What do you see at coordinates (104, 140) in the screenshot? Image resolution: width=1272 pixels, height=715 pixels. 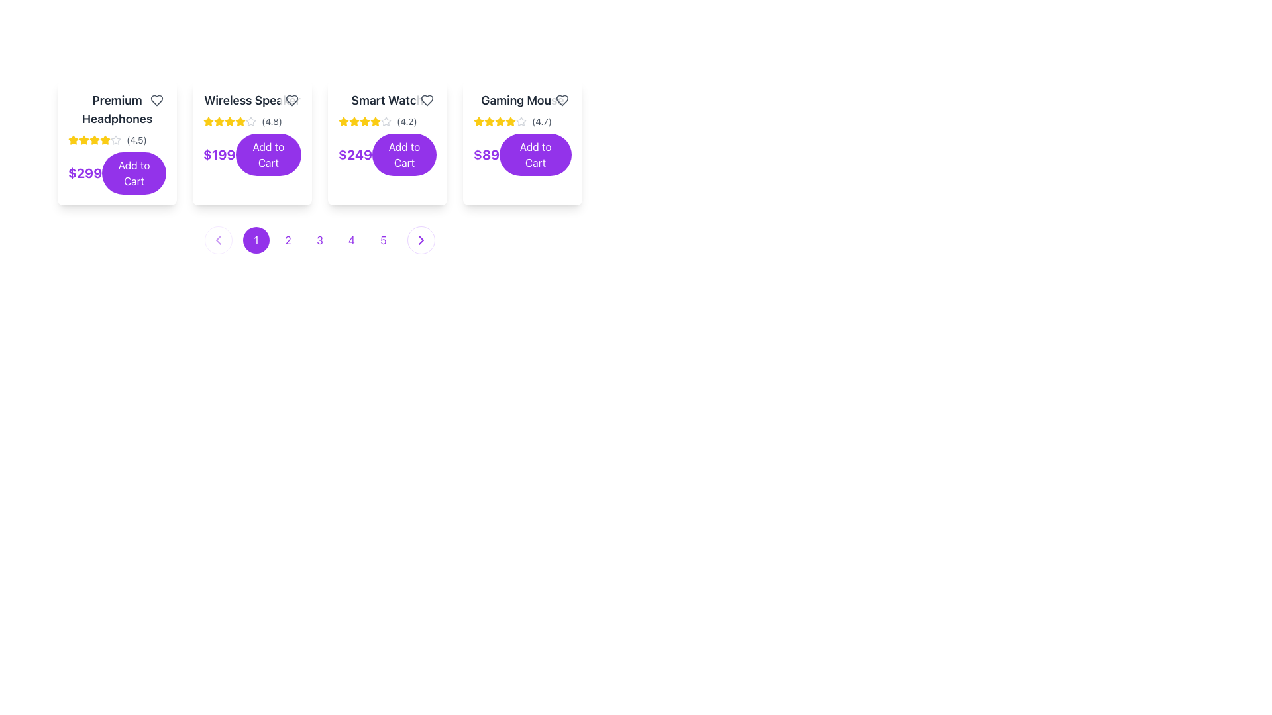 I see `the fifth star icon in the five-star rating system located beneath the title 'Premium Headphones' on the leftmost product card` at bounding box center [104, 140].